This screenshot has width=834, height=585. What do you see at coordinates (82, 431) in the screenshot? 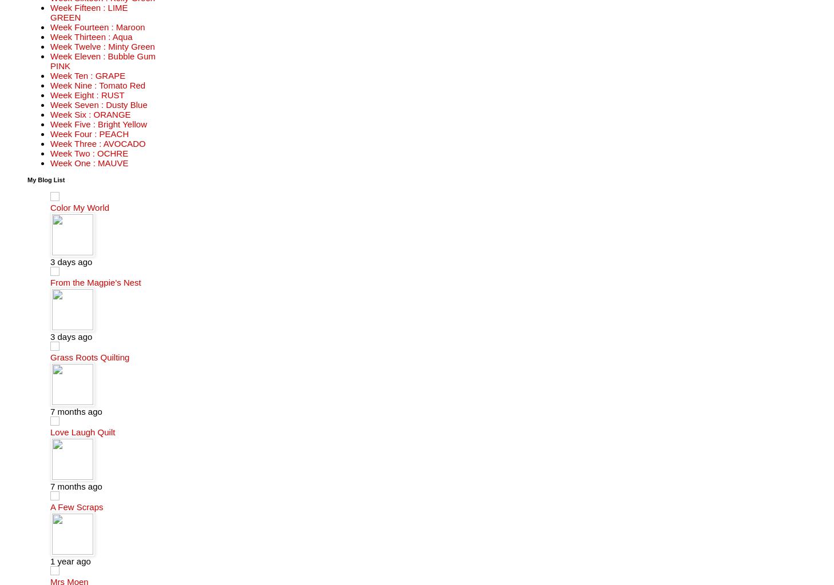
I see `'Love Laugh Quilt'` at bounding box center [82, 431].